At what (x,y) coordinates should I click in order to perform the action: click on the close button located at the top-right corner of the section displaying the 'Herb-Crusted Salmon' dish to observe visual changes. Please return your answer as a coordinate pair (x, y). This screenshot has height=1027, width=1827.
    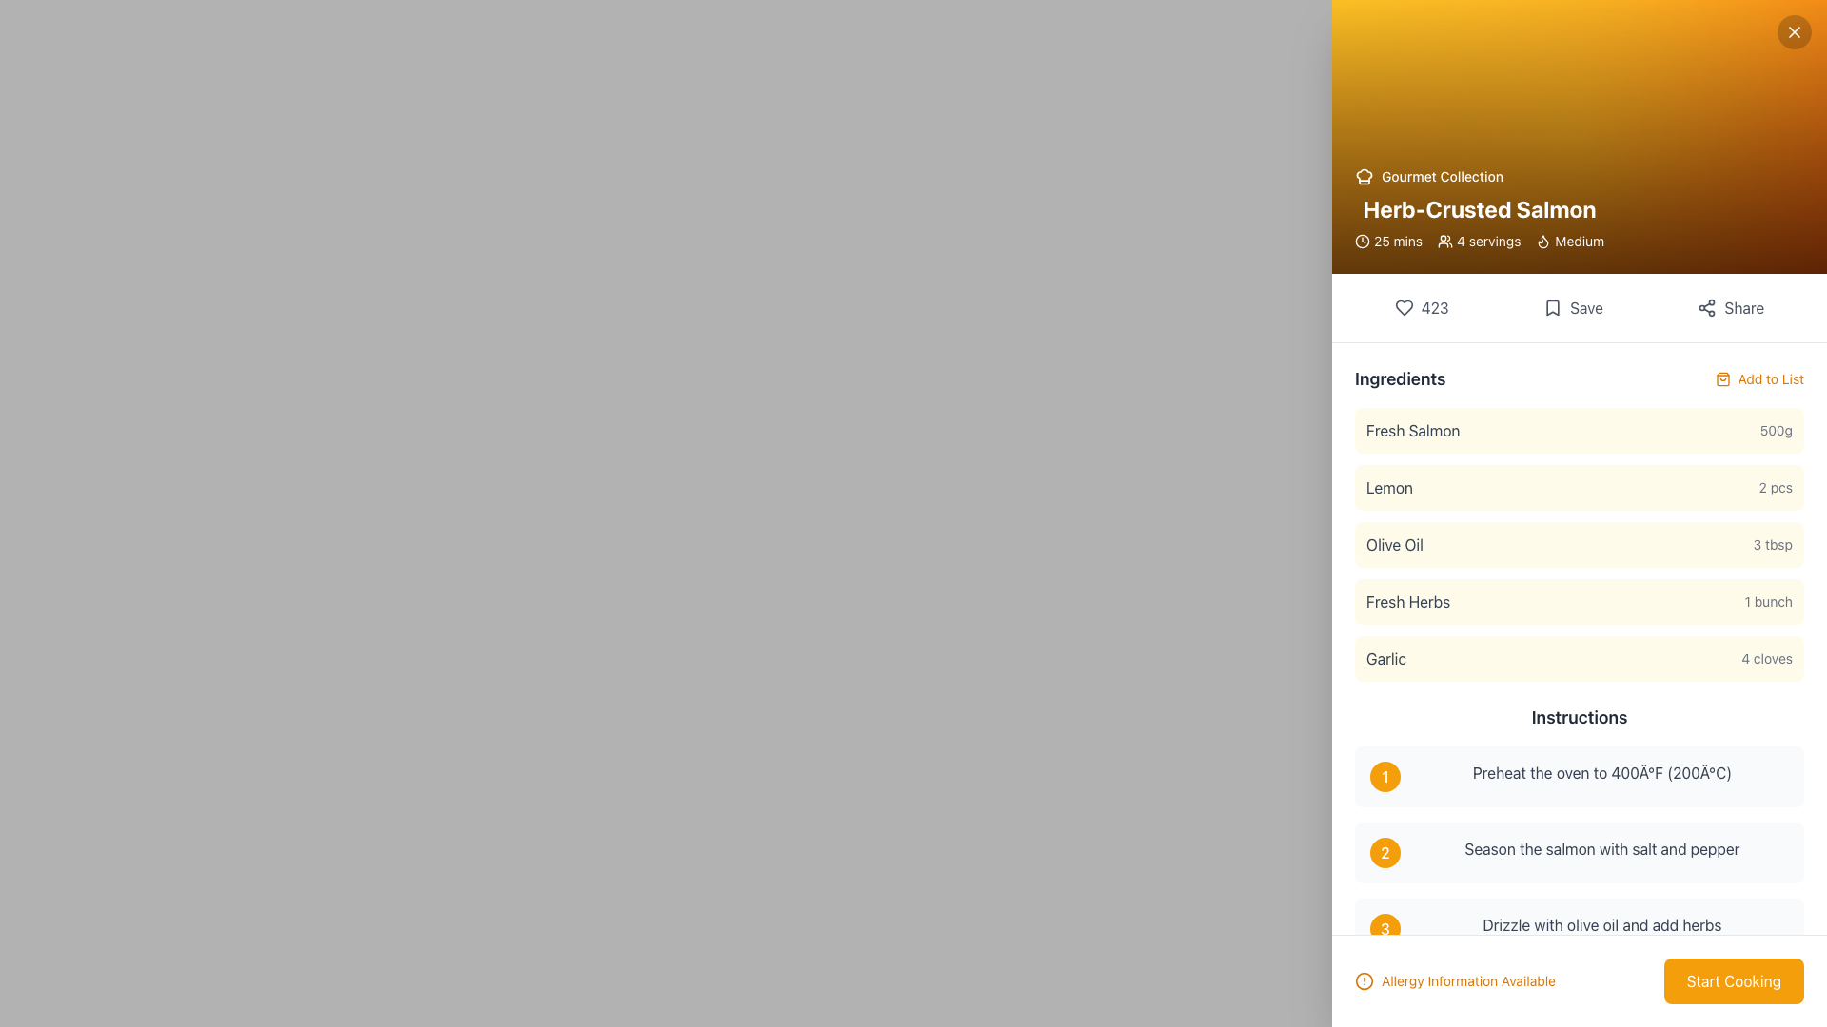
    Looking at the image, I should click on (1794, 32).